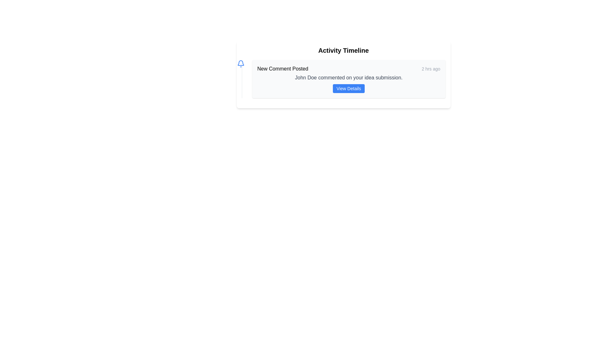 The image size is (611, 343). What do you see at coordinates (240, 64) in the screenshot?
I see `notification icon shaped like a bell, which is styled in blue and positioned to the left of the 'New Comment Posted' text in the 'Activity Timeline' section` at bounding box center [240, 64].